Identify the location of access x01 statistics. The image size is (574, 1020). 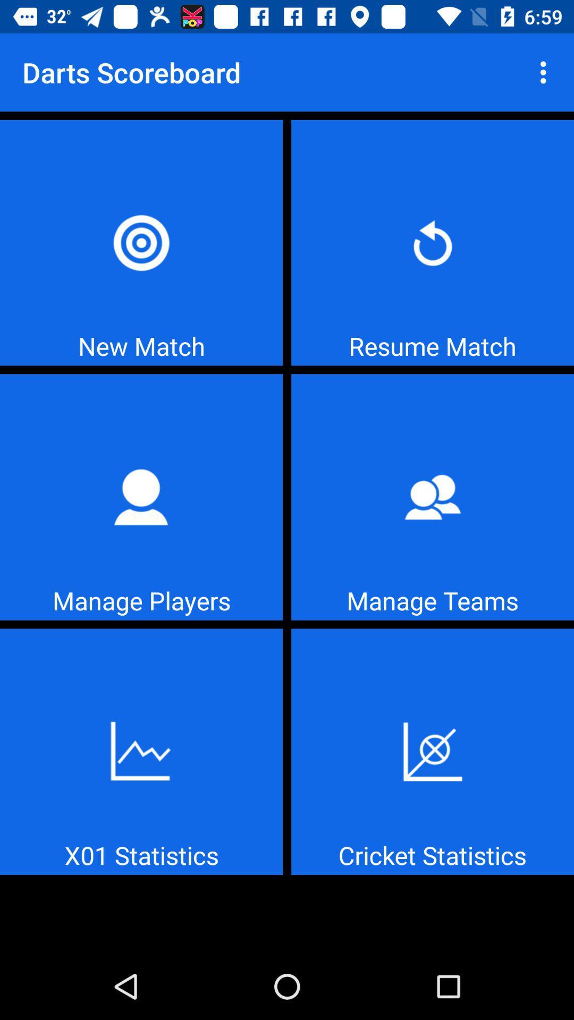
(141, 751).